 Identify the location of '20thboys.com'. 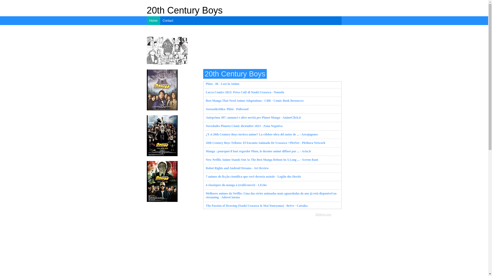
(323, 214).